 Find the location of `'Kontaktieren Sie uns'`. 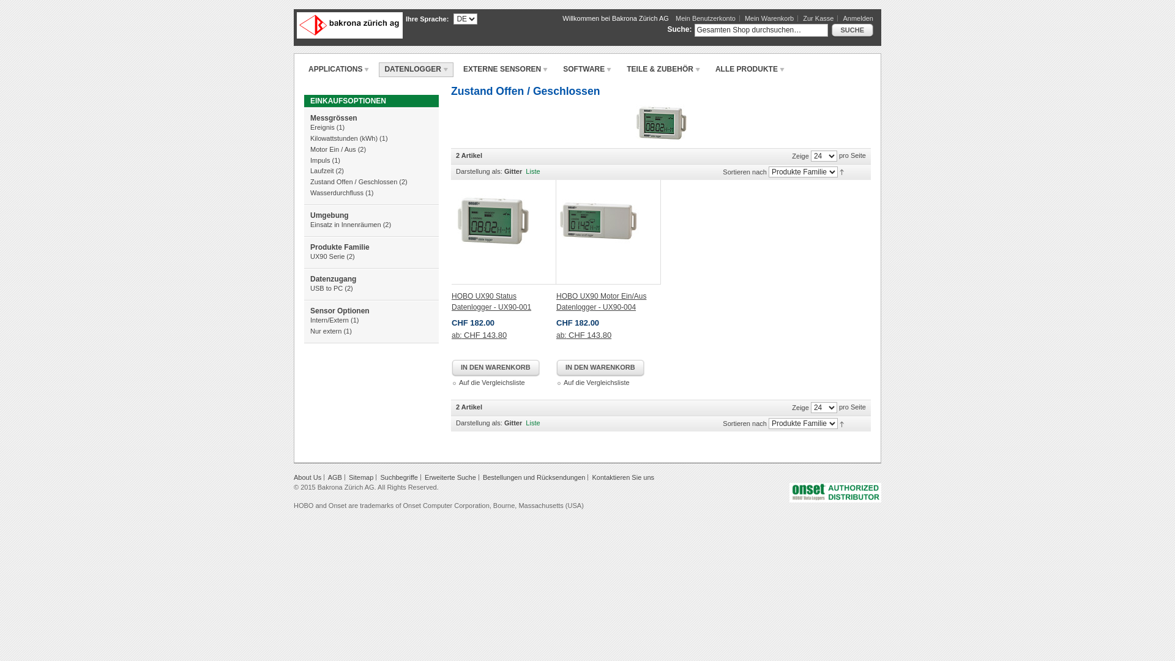

'Kontaktieren Sie uns' is located at coordinates (592, 476).